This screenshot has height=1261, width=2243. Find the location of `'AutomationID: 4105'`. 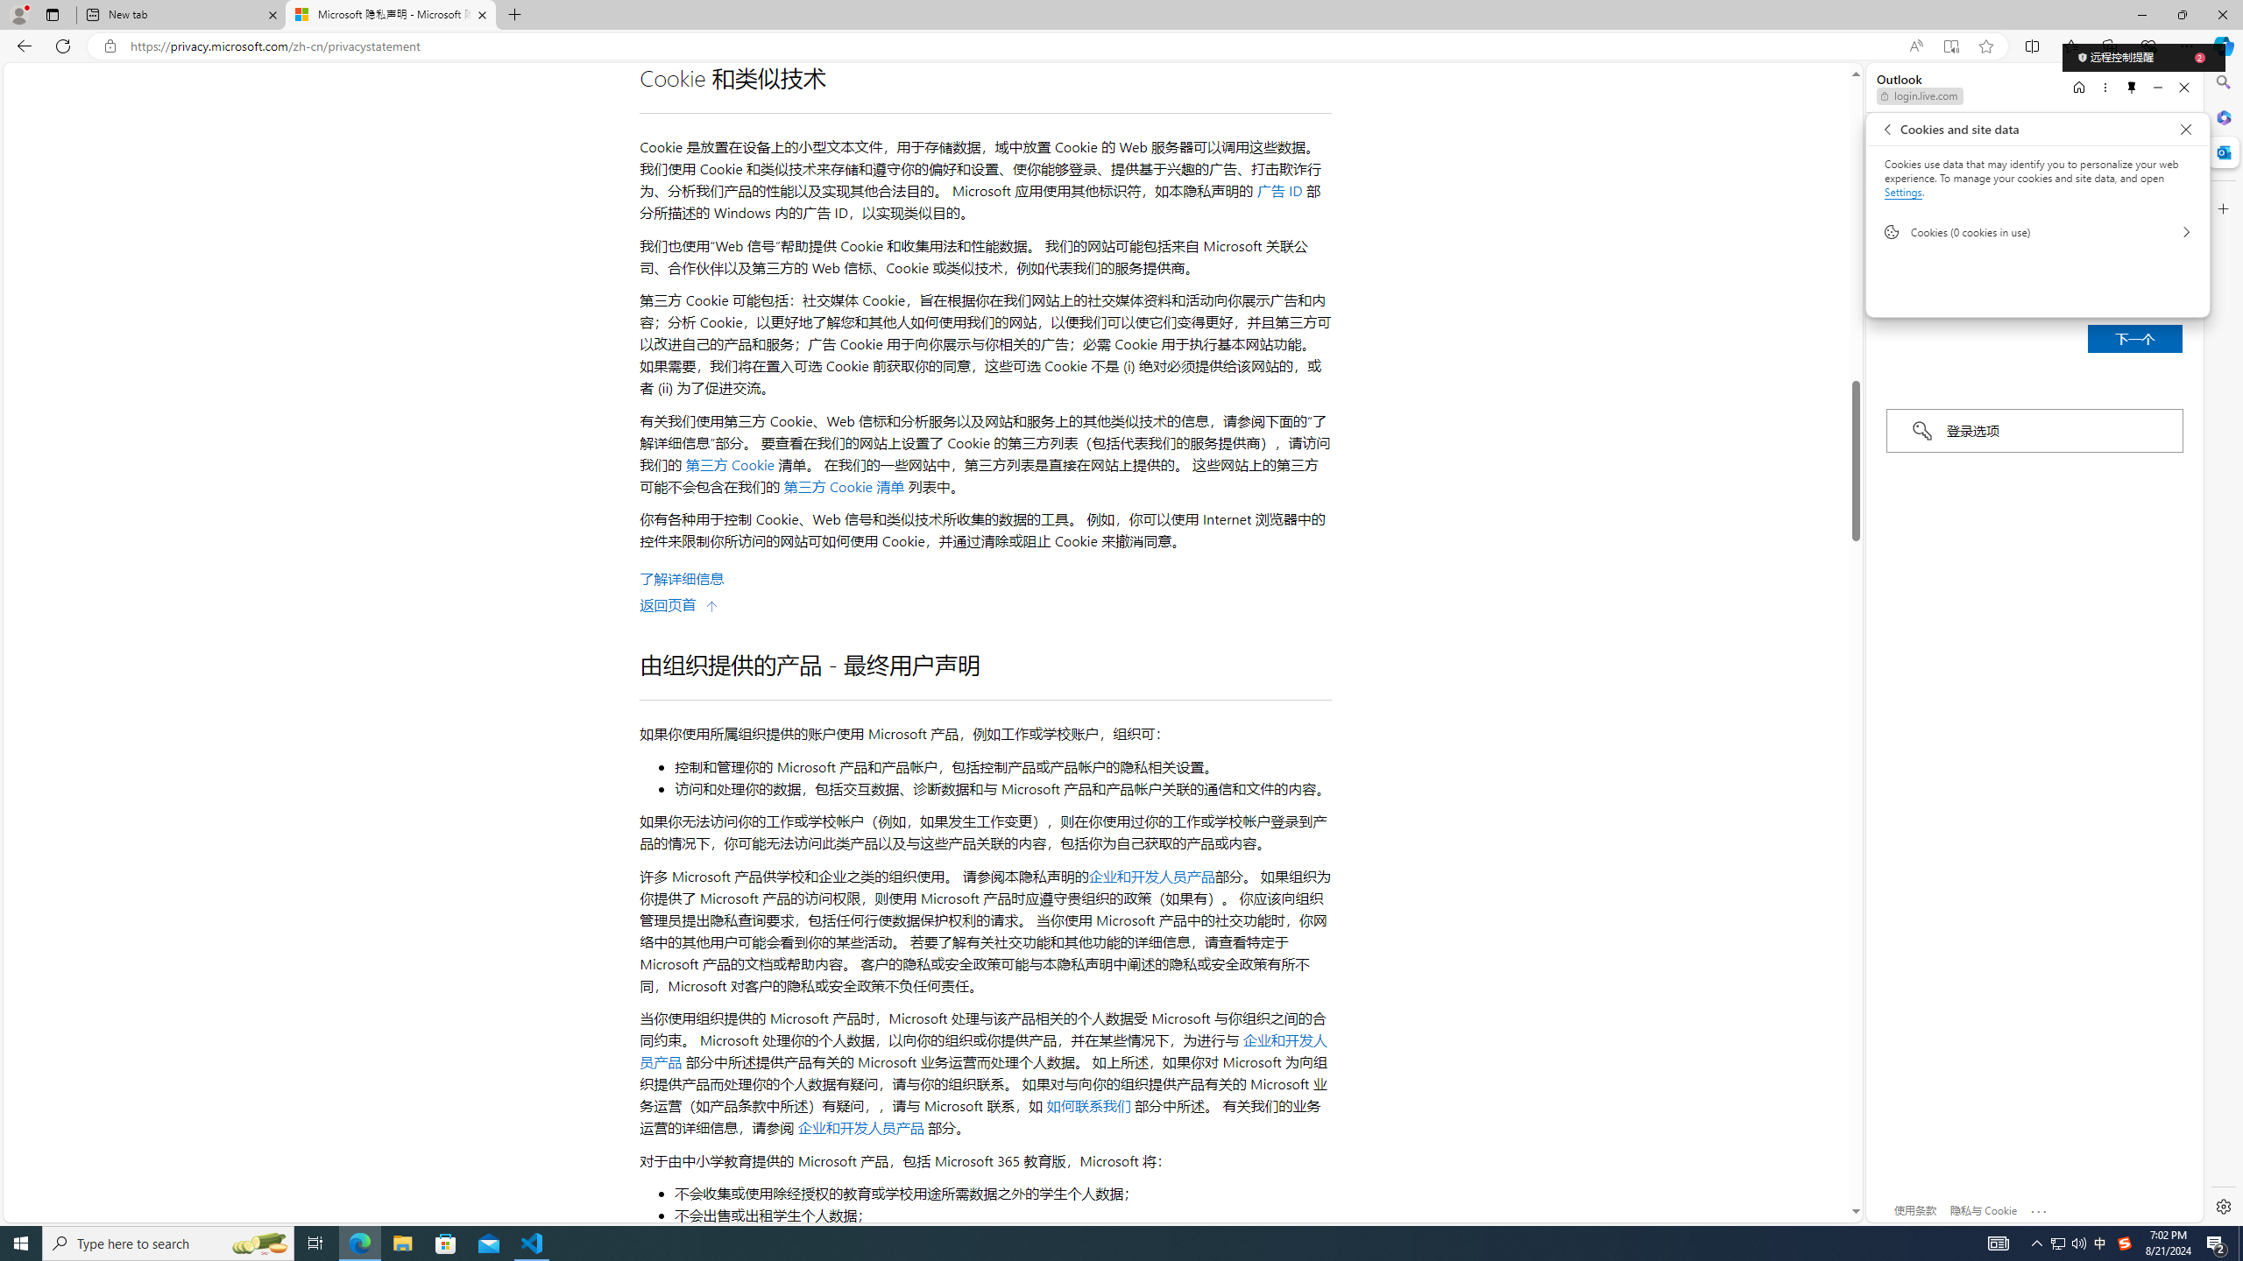

'AutomationID: 4105' is located at coordinates (1997, 1242).